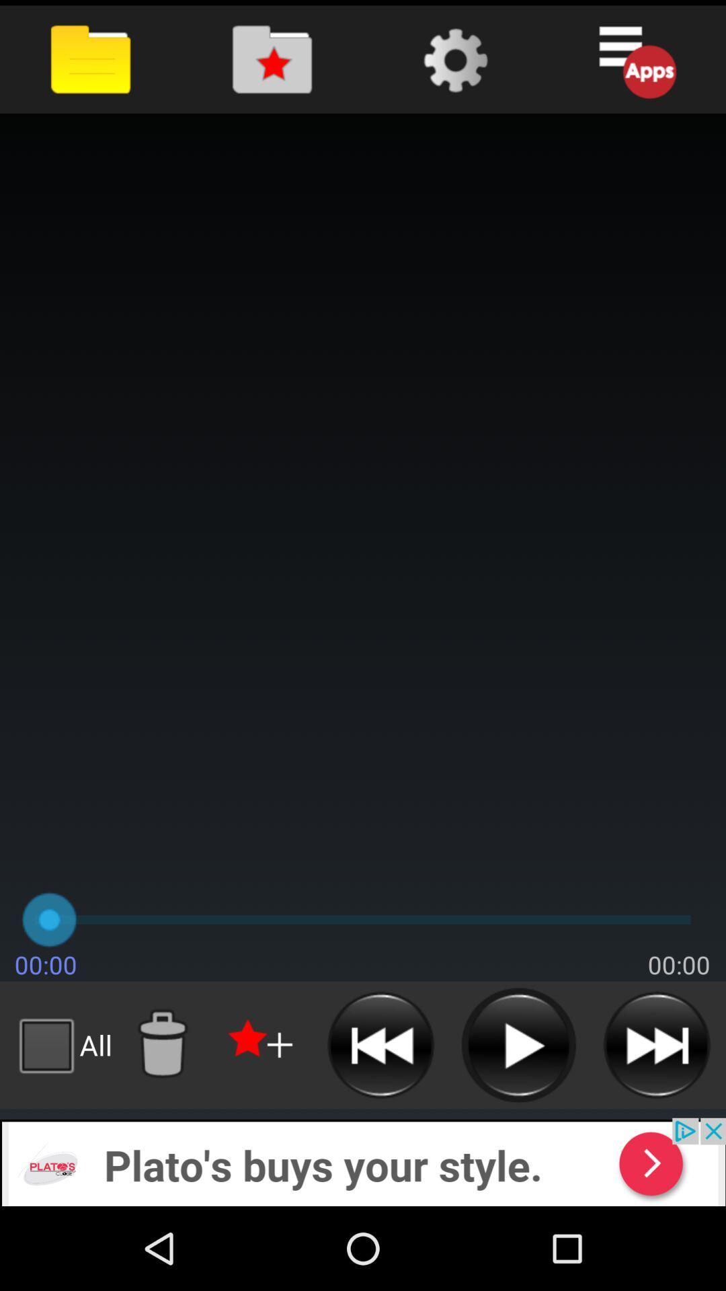 The image size is (726, 1291). What do you see at coordinates (454, 58) in the screenshot?
I see `show settings` at bounding box center [454, 58].